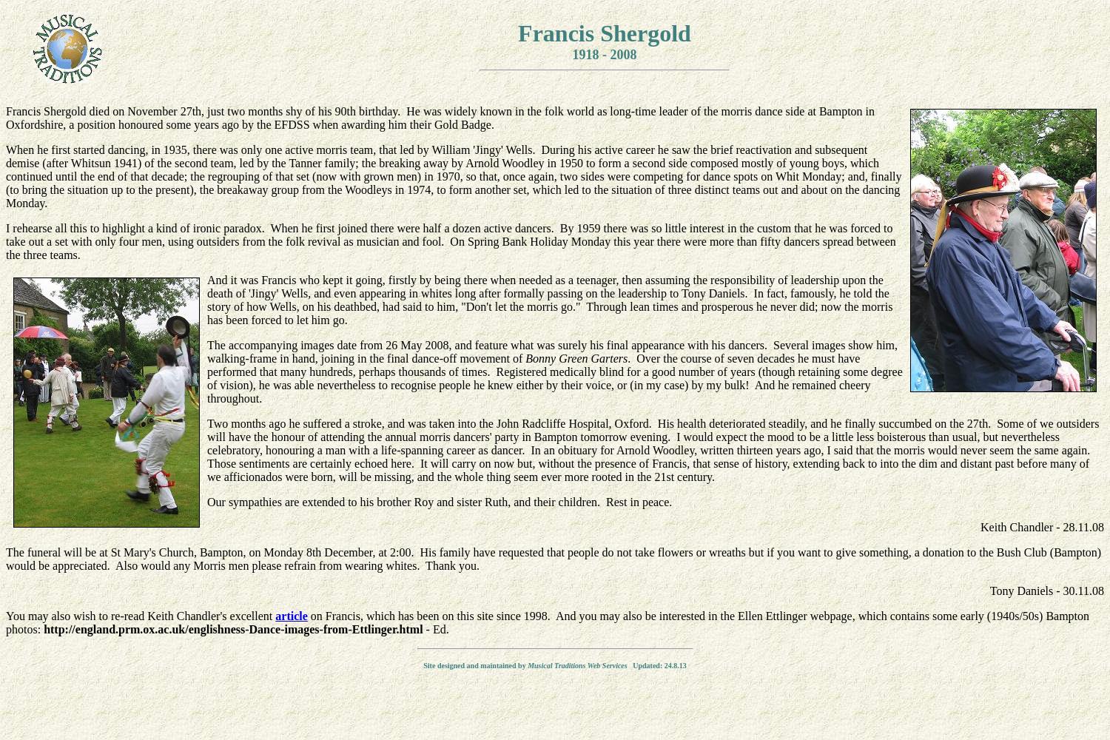 This screenshot has width=1110, height=740. I want to click on 'on Francis, which has been on this site since 1998.  And you may also be interested in the Ellen Ettlinger webpage, which contains some early (1940s/50s) Bampton photos:', so click(546, 622).